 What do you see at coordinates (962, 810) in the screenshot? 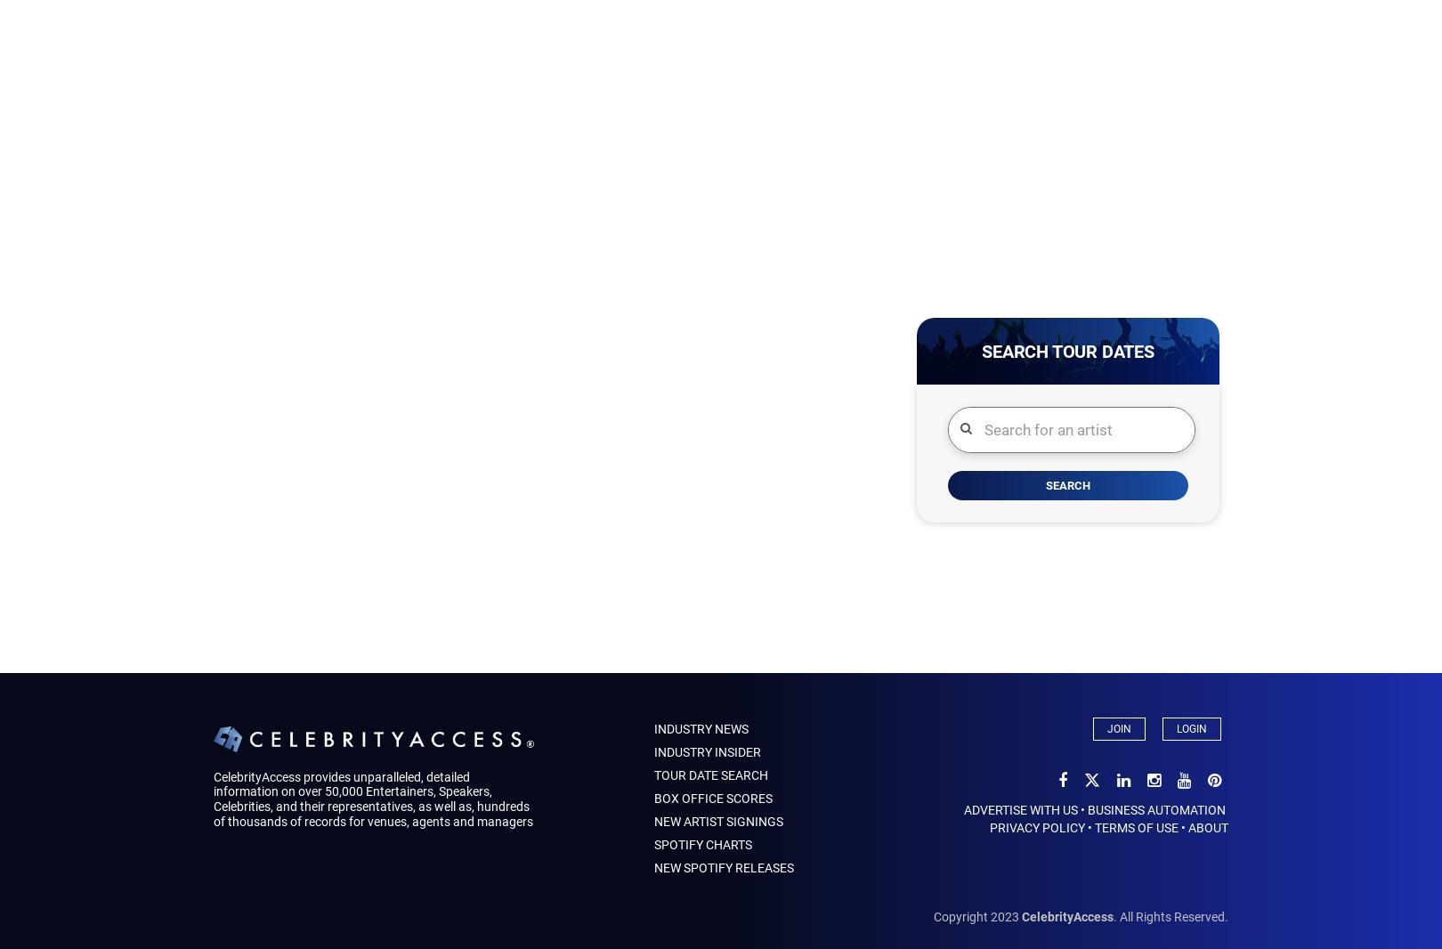
I see `'ADVERTISE WITH US'` at bounding box center [962, 810].